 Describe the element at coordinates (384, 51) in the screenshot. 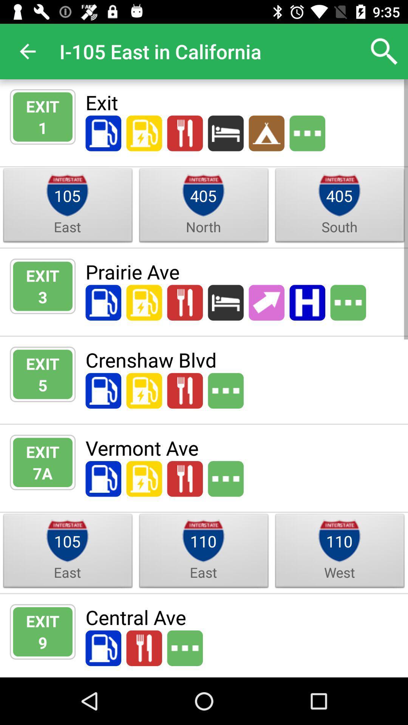

I see `icon next to i 105 east app` at that location.